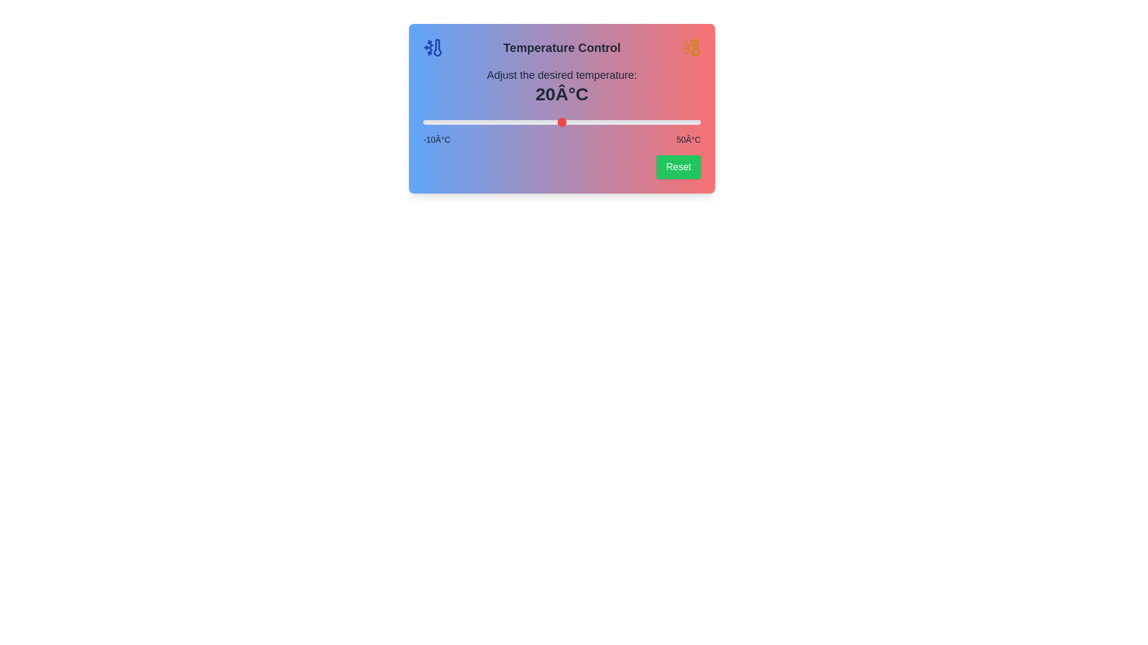  I want to click on the Reset button to reset the temperature to default, so click(678, 167).